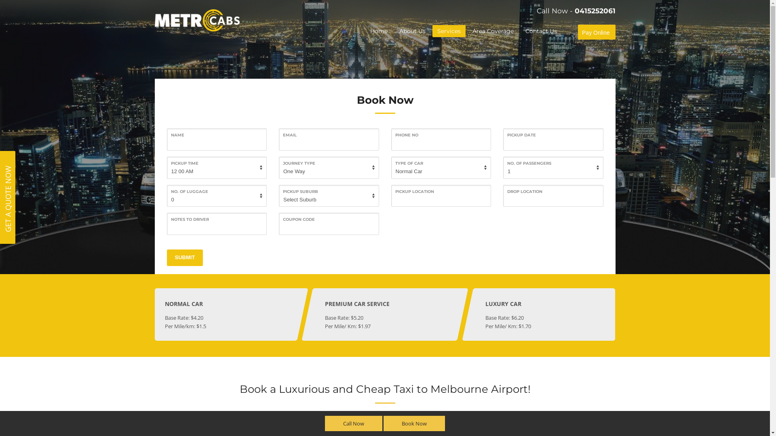  What do you see at coordinates (595, 32) in the screenshot?
I see `'Pay Online'` at bounding box center [595, 32].